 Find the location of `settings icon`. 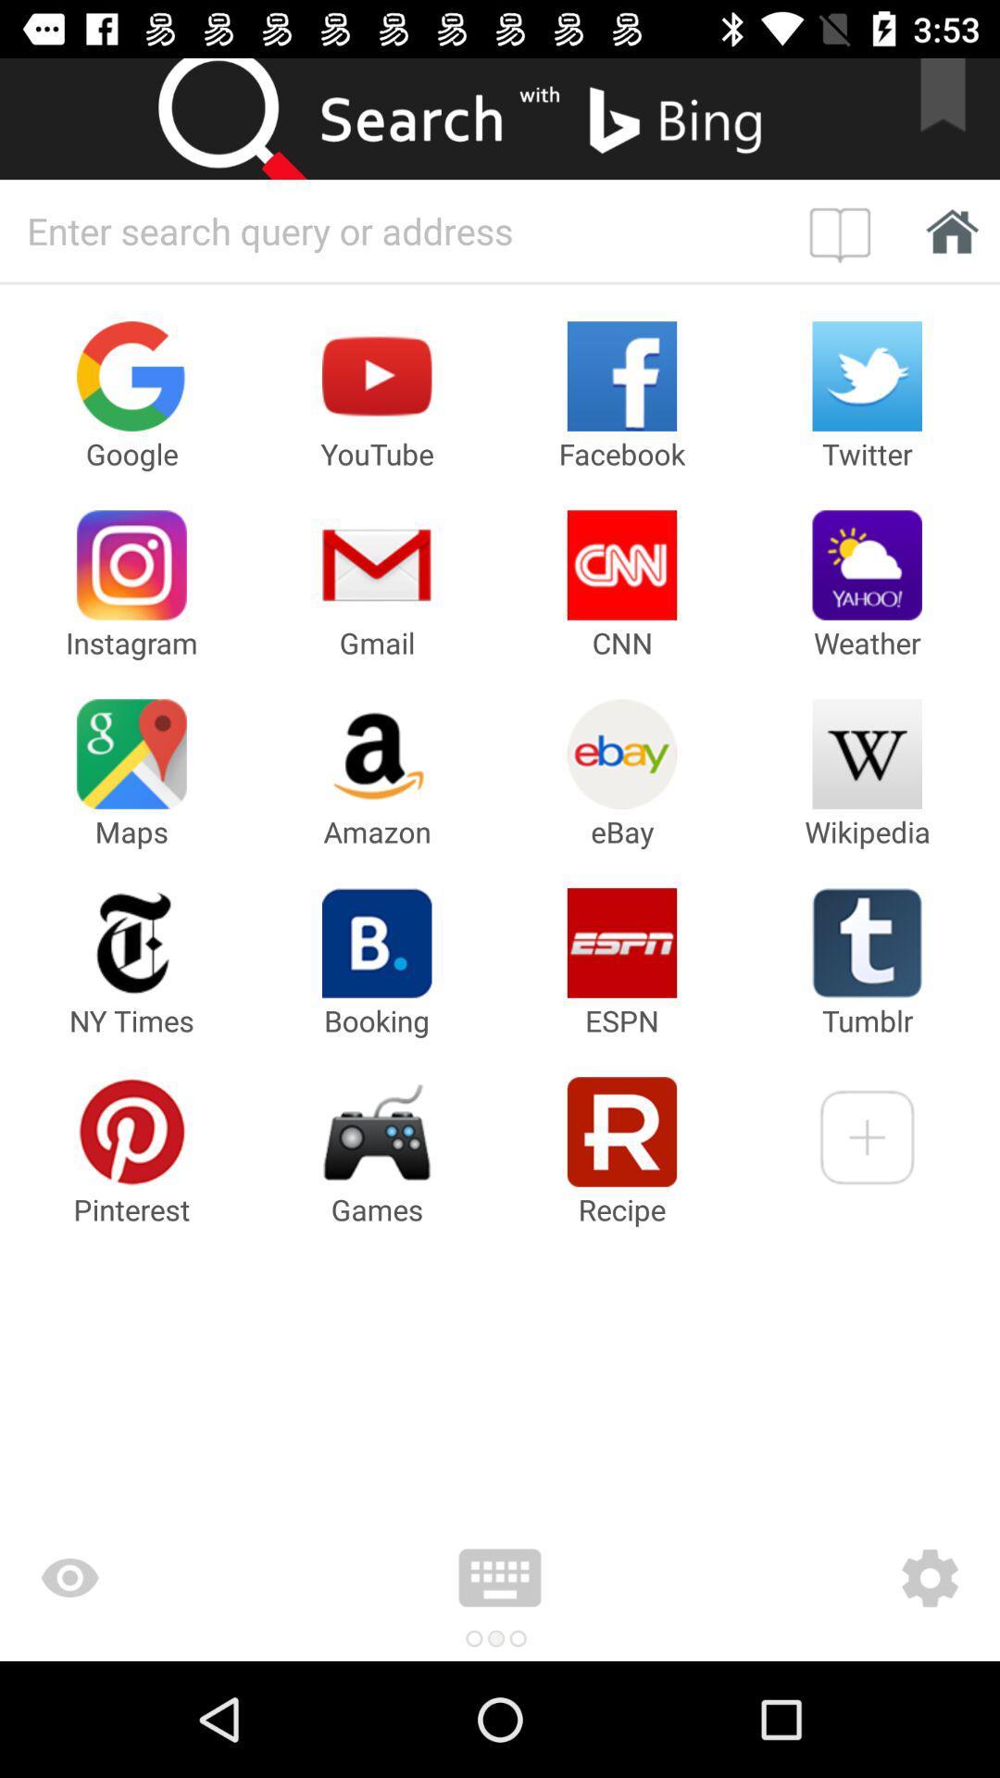

settings icon is located at coordinates (819, 1577).